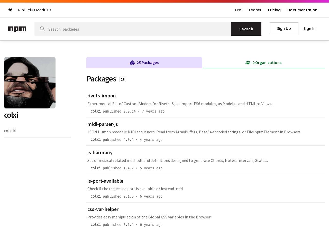 Image resolution: width=329 pixels, height=230 pixels. I want to click on 'js-harmony', so click(87, 152).